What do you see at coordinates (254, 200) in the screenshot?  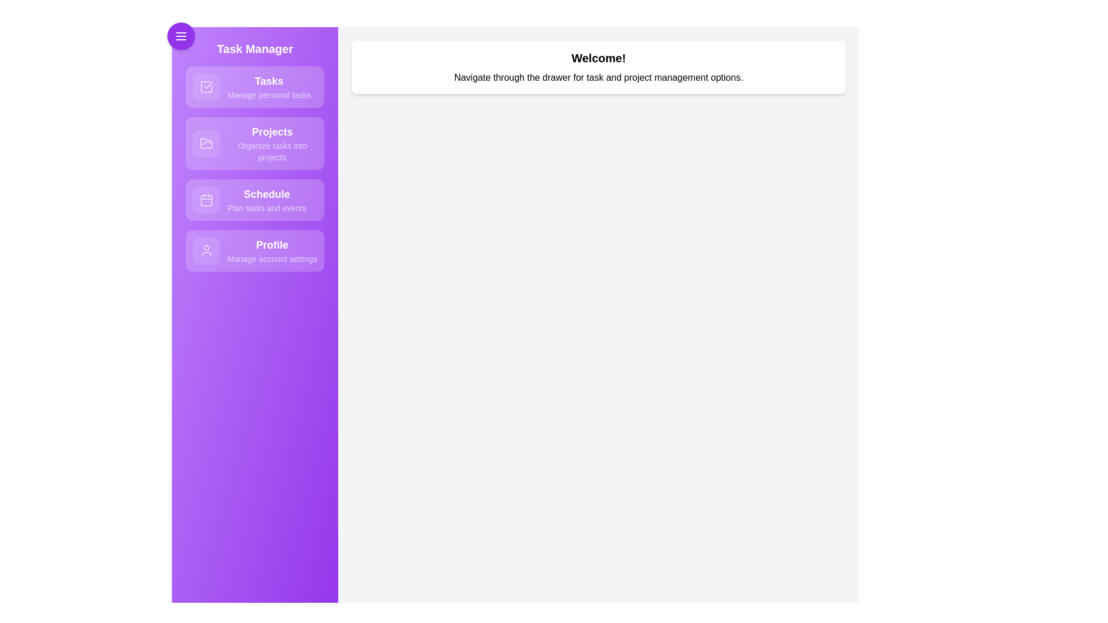 I see `the navigation item labeled 'Schedule' to observe its hover effect` at bounding box center [254, 200].